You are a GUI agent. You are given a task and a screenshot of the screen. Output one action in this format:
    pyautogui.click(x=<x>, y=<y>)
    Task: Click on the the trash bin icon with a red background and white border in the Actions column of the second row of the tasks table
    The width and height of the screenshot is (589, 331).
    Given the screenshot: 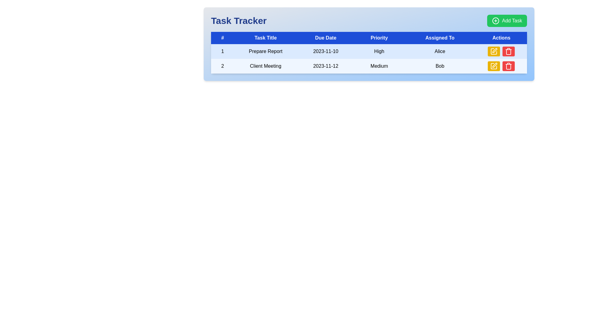 What is the action you would take?
    pyautogui.click(x=508, y=51)
    